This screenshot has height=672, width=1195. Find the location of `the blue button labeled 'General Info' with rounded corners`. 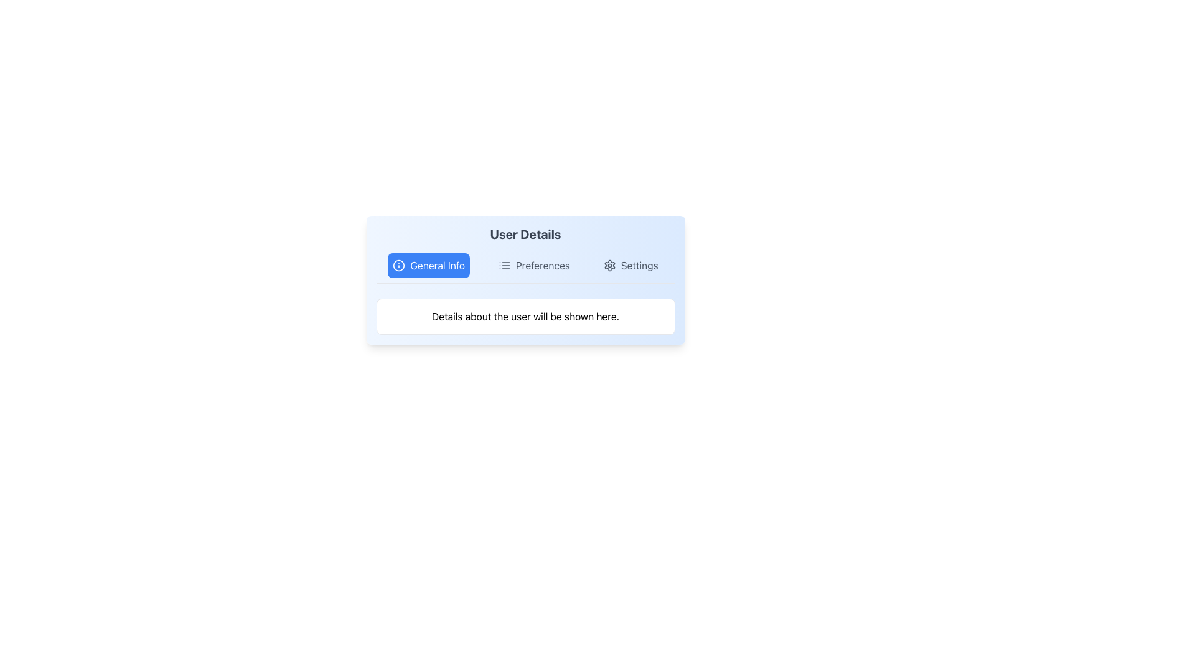

the blue button labeled 'General Info' with rounded corners is located at coordinates (429, 265).